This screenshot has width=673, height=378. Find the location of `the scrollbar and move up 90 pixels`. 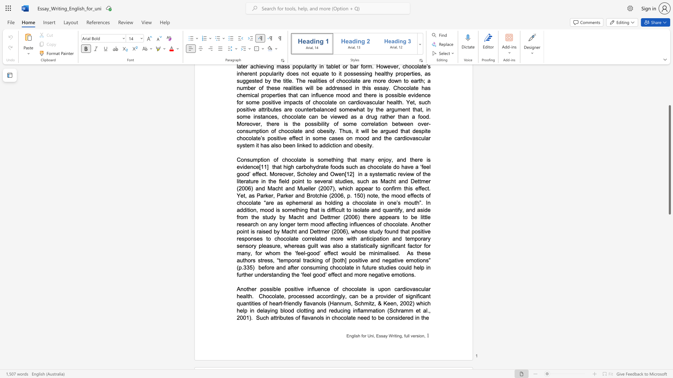

the scrollbar and move up 90 pixels is located at coordinates (669, 160).